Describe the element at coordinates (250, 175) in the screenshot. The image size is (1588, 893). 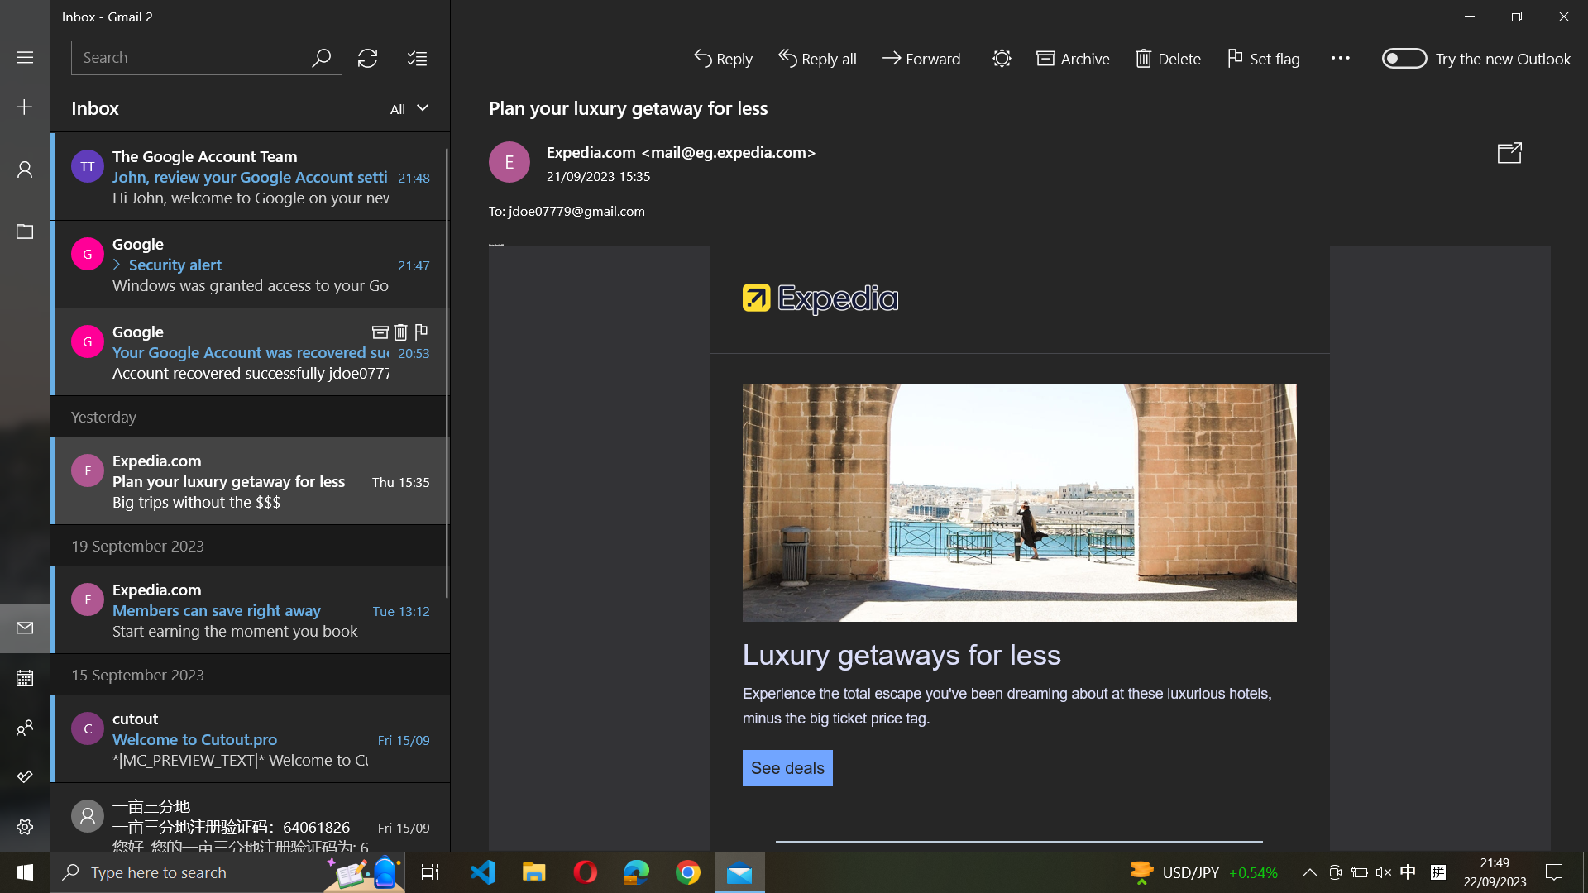
I see `Remove the very first mail in inbox` at that location.